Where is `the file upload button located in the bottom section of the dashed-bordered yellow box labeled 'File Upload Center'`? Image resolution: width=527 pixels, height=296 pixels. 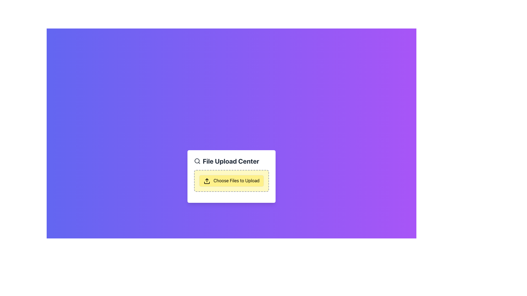
the file upload button located in the bottom section of the dashed-bordered yellow box labeled 'File Upload Center' is located at coordinates (231, 181).